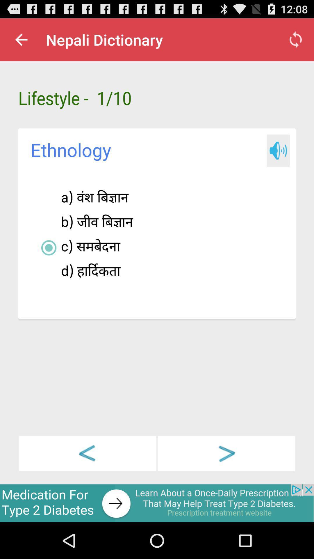 This screenshot has height=559, width=314. What do you see at coordinates (88, 485) in the screenshot?
I see `the arrow_backward icon` at bounding box center [88, 485].